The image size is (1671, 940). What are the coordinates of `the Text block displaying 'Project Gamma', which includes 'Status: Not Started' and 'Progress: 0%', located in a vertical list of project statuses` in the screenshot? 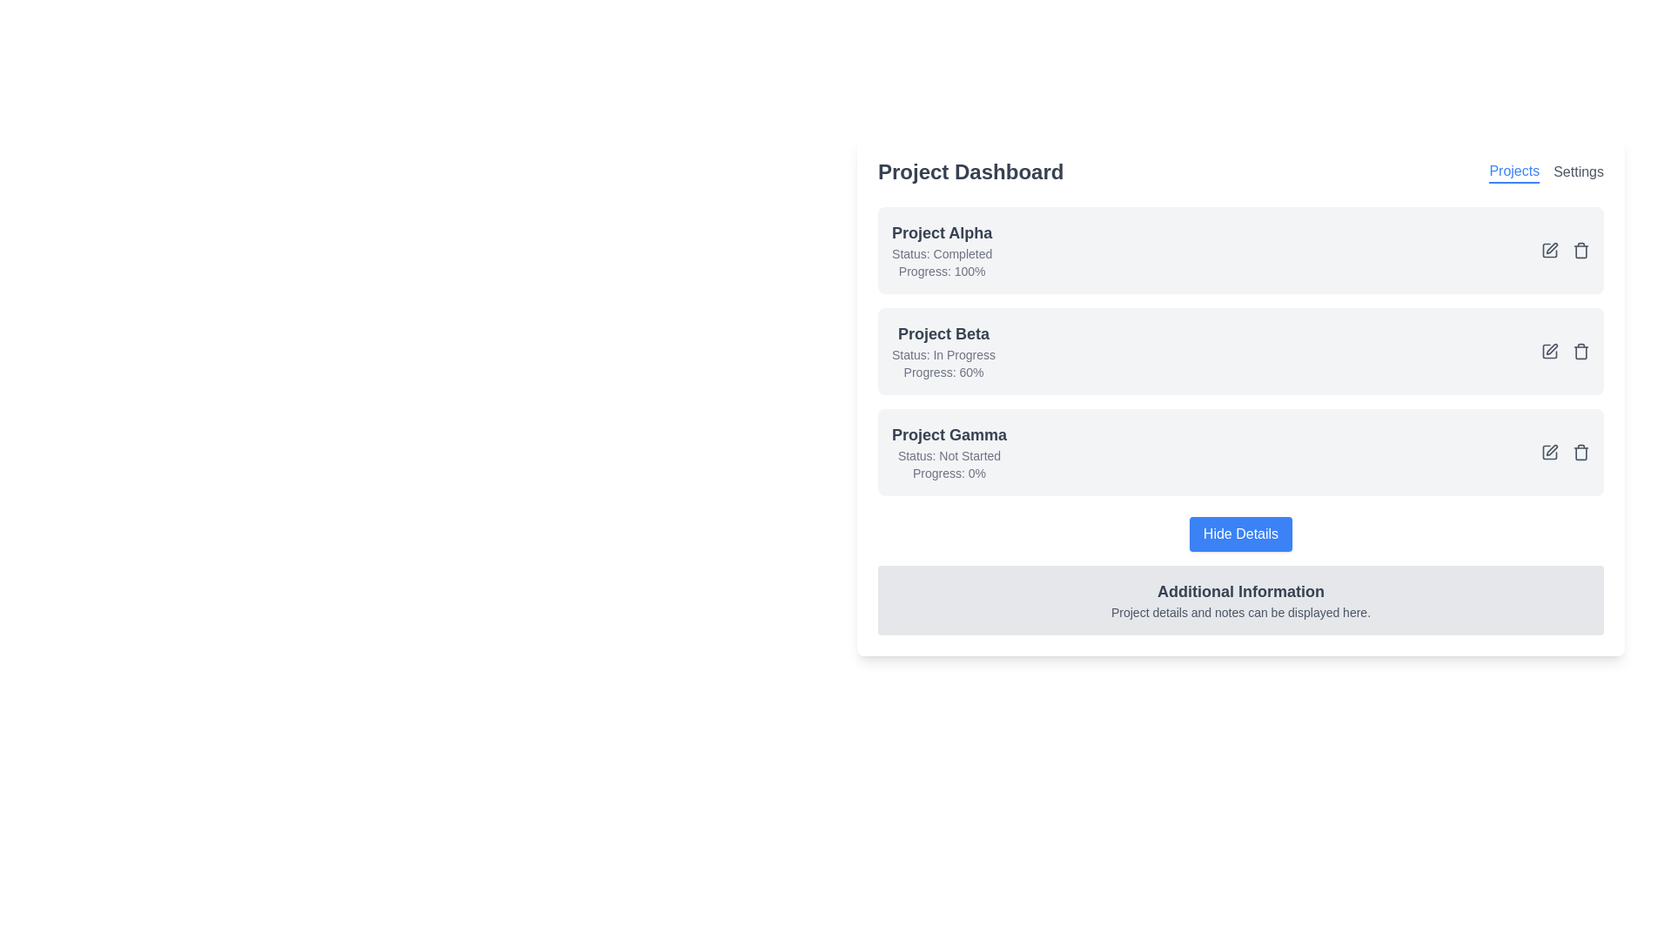 It's located at (948, 452).